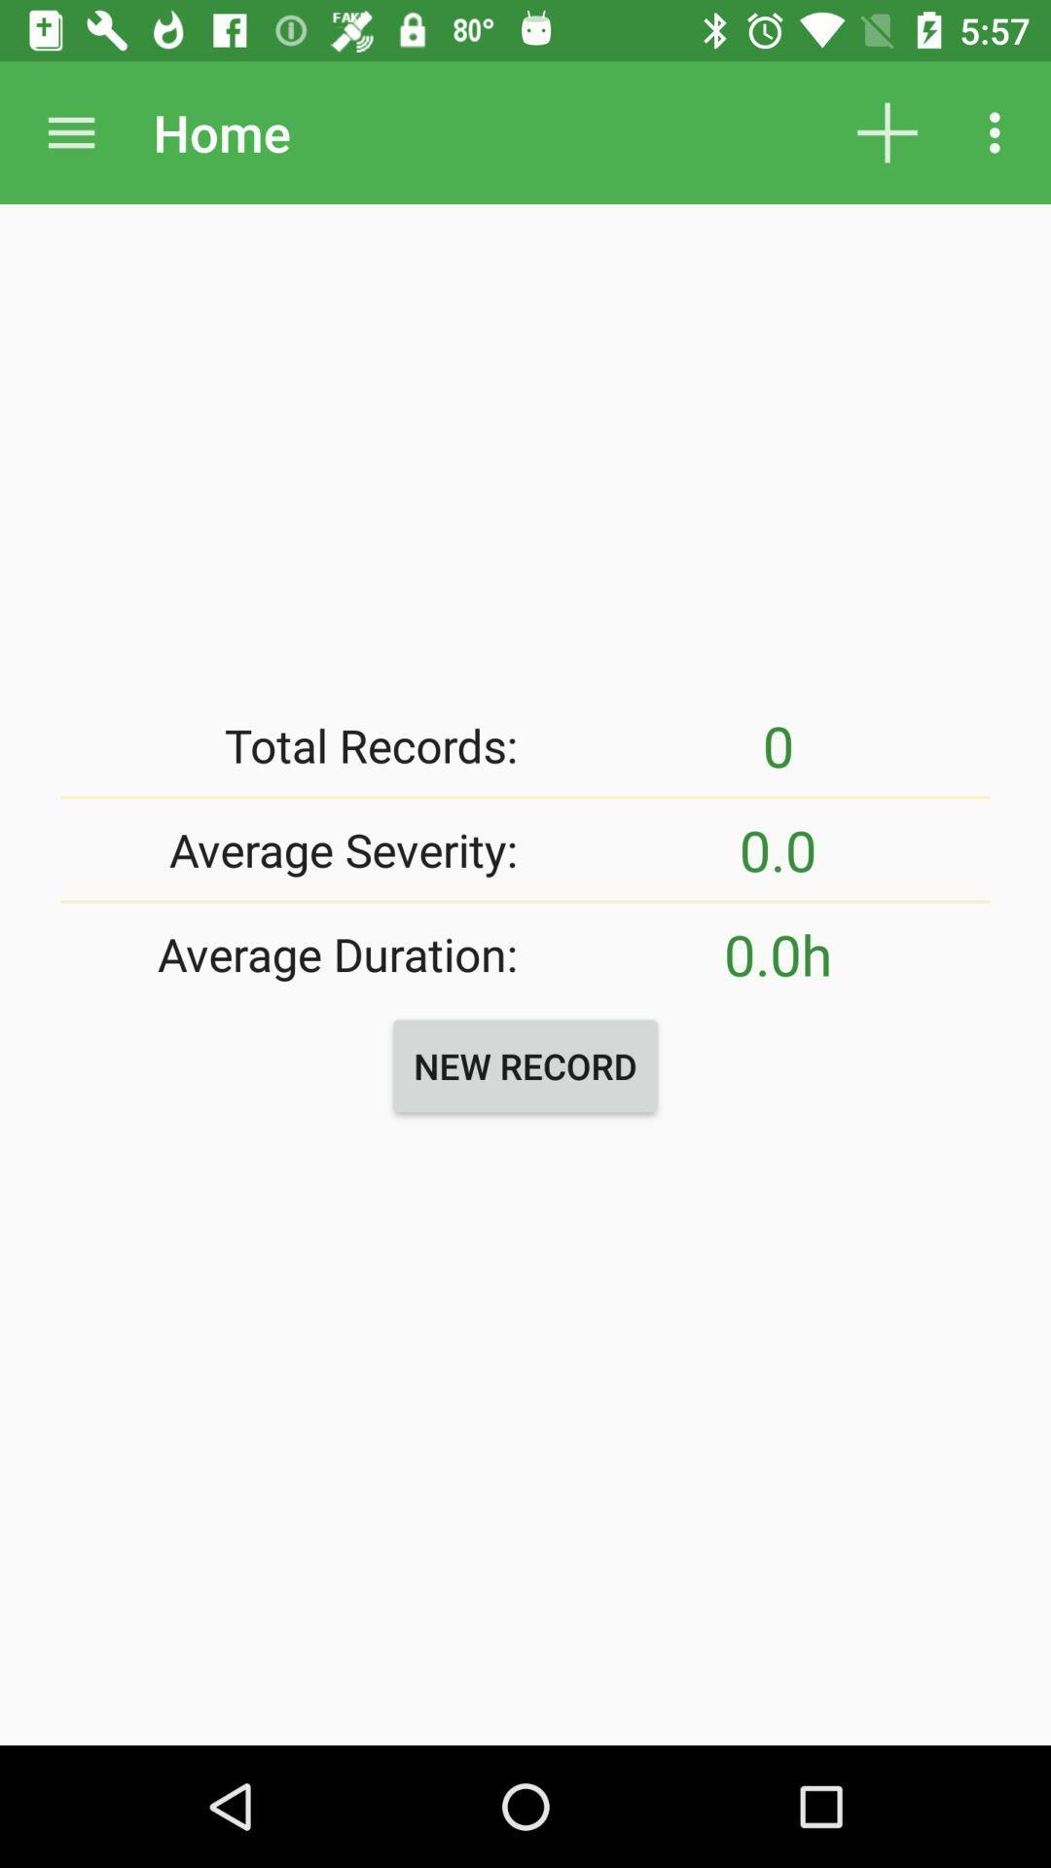 This screenshot has height=1868, width=1051. Describe the element at coordinates (70, 131) in the screenshot. I see `icon next to home item` at that location.